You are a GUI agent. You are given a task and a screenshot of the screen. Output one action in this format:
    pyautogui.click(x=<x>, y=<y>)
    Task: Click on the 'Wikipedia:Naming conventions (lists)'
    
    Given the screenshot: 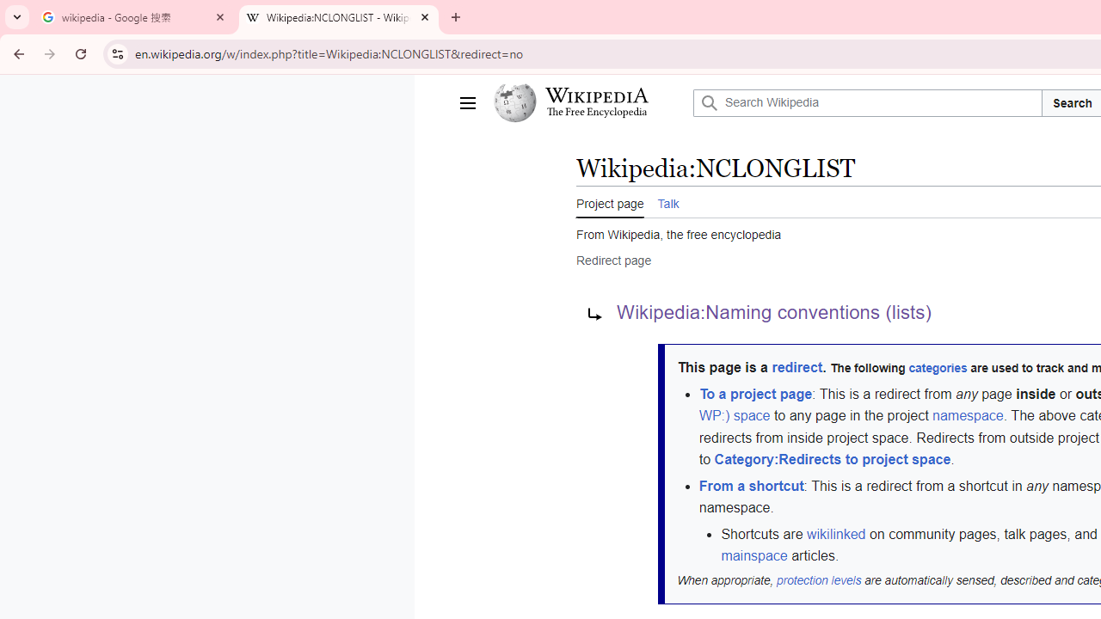 What is the action you would take?
    pyautogui.click(x=773, y=313)
    